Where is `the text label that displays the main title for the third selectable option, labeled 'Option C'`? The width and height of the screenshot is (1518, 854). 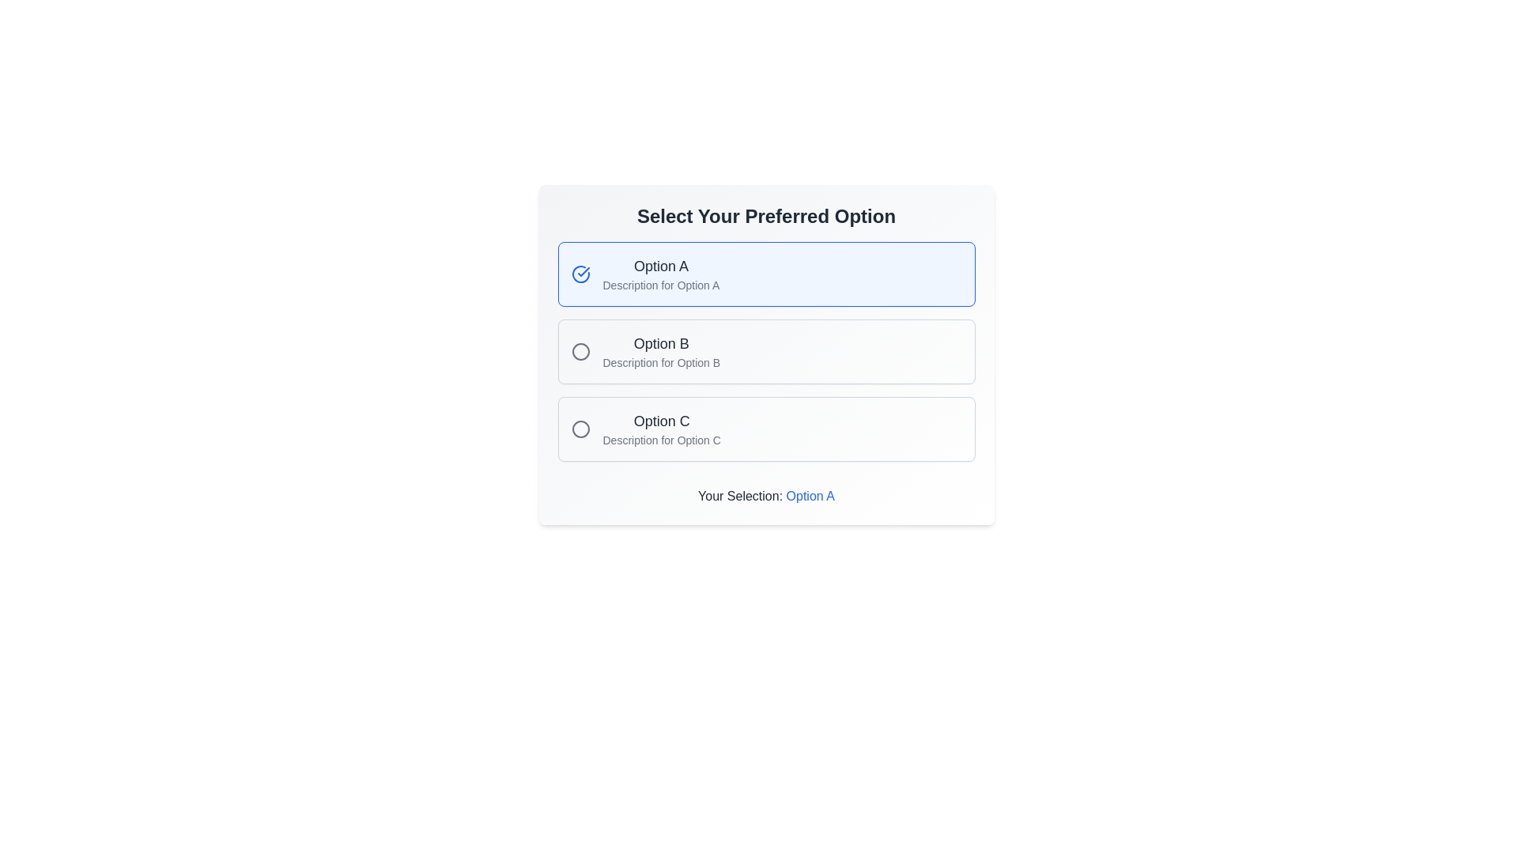 the text label that displays the main title for the third selectable option, labeled 'Option C' is located at coordinates (662, 420).